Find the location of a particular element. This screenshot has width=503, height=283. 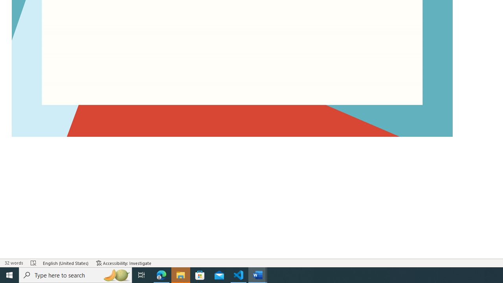

'Word Count 32 words' is located at coordinates (14, 263).